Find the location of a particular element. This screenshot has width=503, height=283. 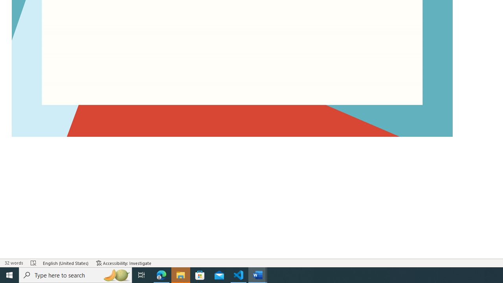

'Word Count 32 words' is located at coordinates (14, 263).